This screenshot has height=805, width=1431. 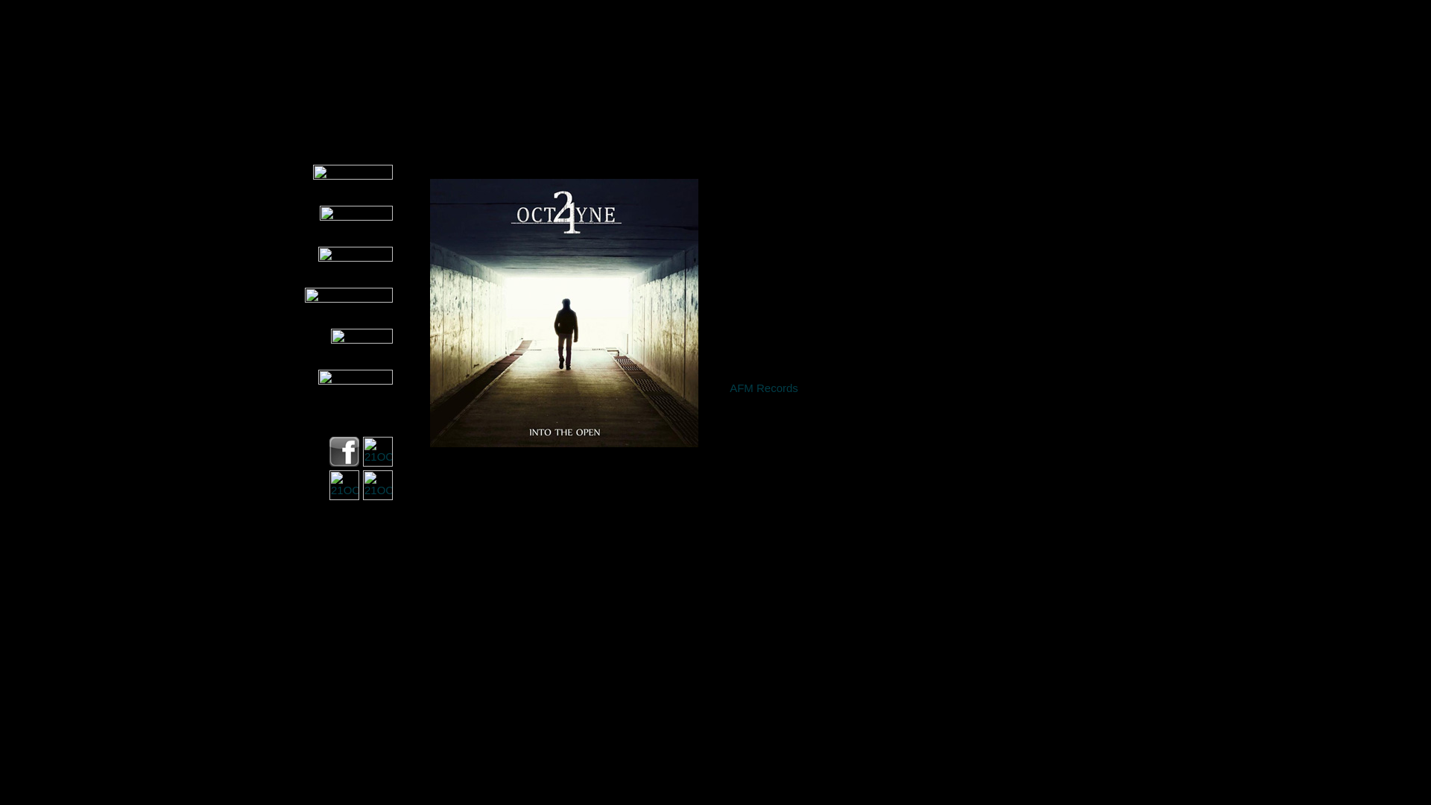 What do you see at coordinates (764, 387) in the screenshot?
I see `'AFM Records'` at bounding box center [764, 387].